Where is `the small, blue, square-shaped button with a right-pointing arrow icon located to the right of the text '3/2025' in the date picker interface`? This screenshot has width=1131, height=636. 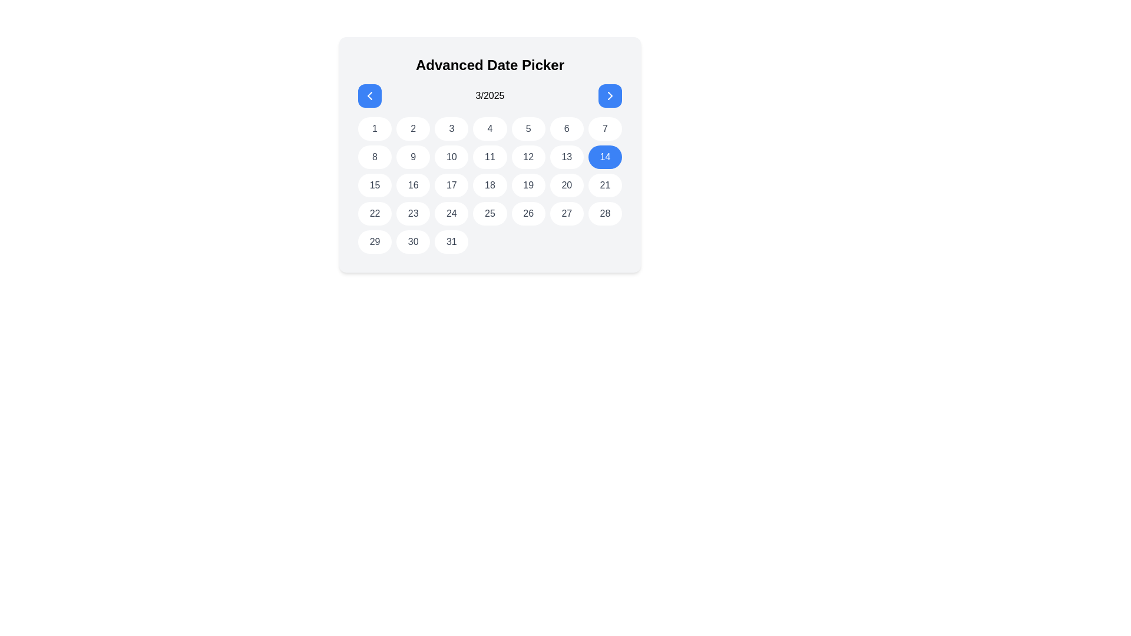
the small, blue, square-shaped button with a right-pointing arrow icon located to the right of the text '3/2025' in the date picker interface is located at coordinates (610, 95).